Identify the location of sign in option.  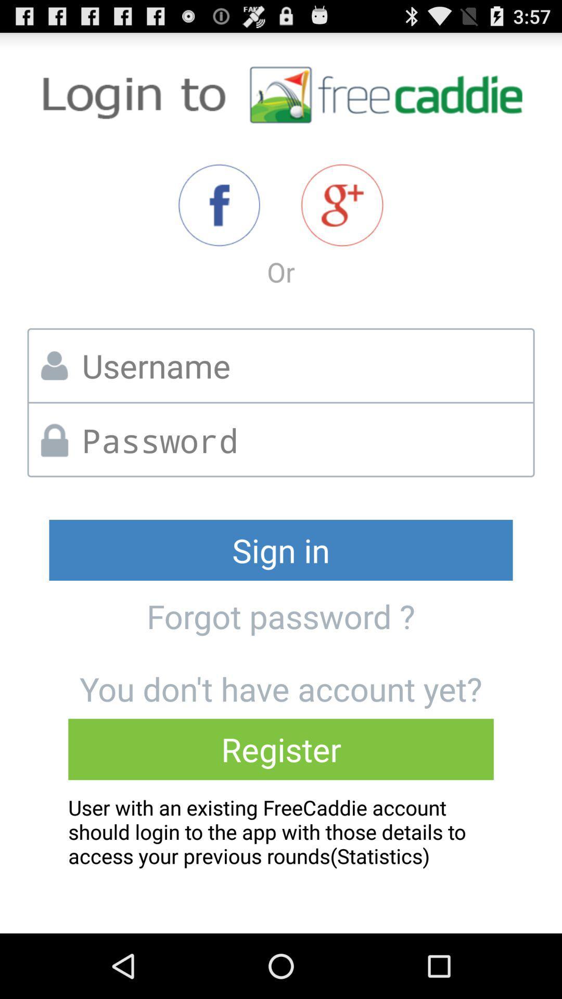
(342, 205).